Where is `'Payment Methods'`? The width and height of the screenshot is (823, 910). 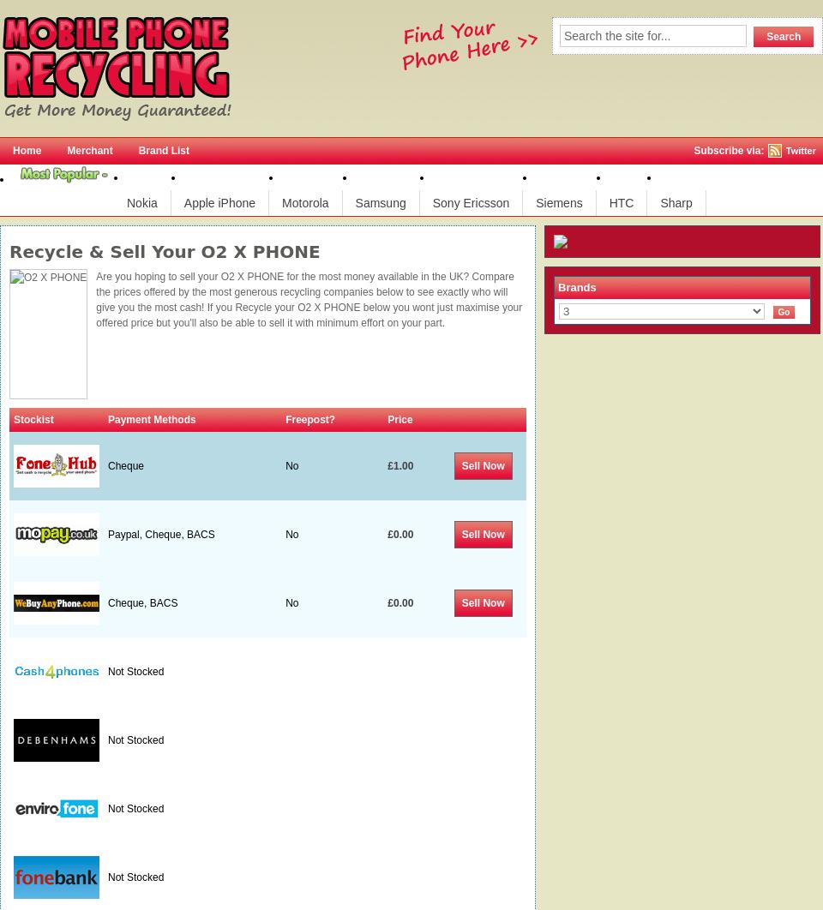 'Payment Methods' is located at coordinates (151, 419).